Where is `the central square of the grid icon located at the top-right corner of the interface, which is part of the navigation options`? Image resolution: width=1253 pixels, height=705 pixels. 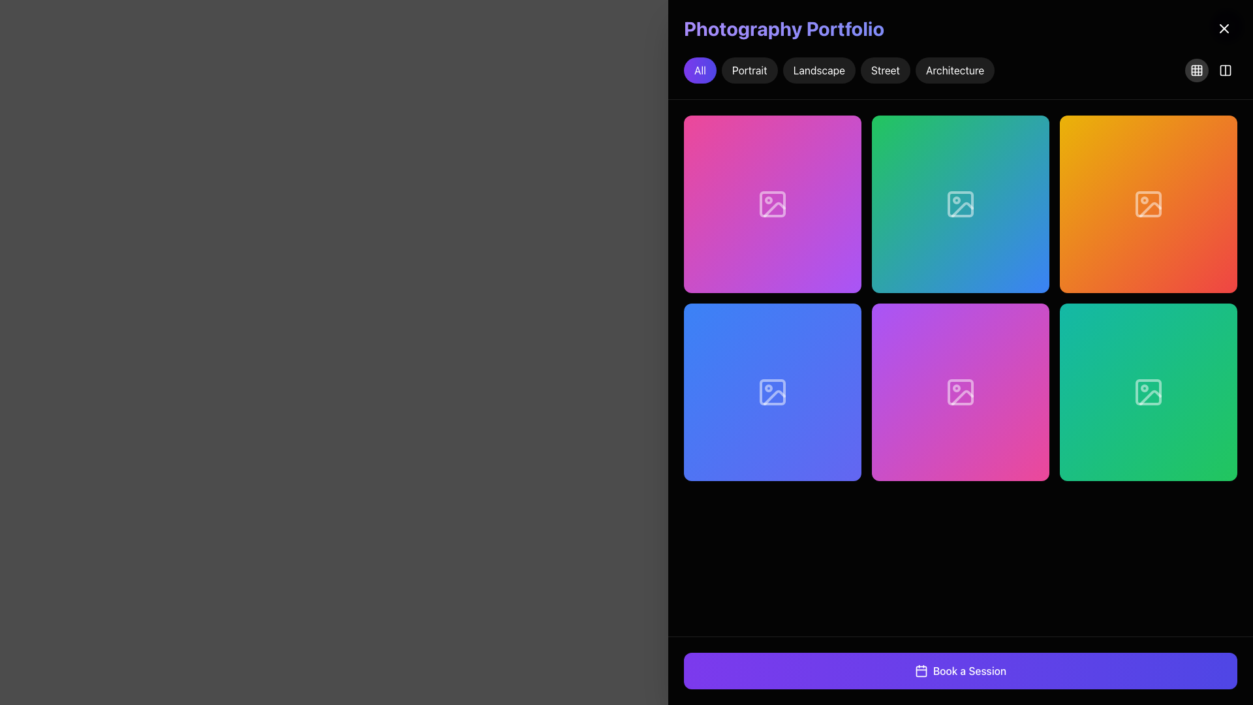
the central square of the grid icon located at the top-right corner of the interface, which is part of the navigation options is located at coordinates (1196, 70).